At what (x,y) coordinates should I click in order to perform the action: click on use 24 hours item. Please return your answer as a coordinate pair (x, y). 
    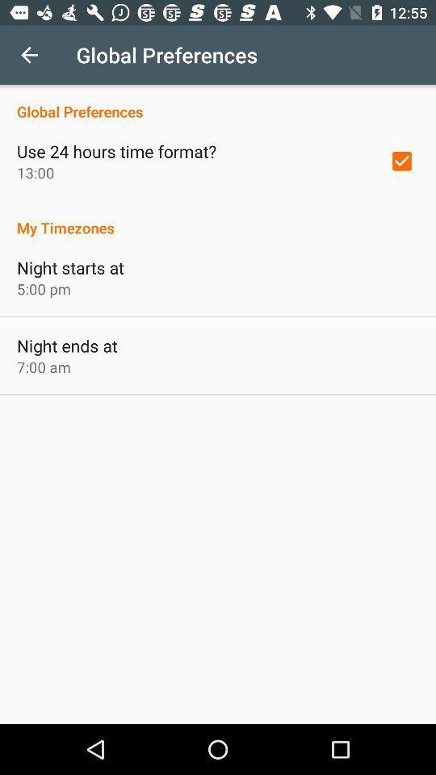
    Looking at the image, I should click on (115, 151).